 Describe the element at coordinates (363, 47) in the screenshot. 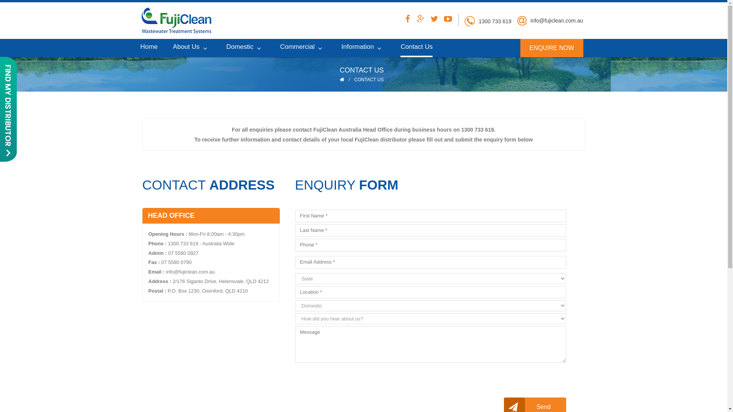

I see `'Information'` at that location.